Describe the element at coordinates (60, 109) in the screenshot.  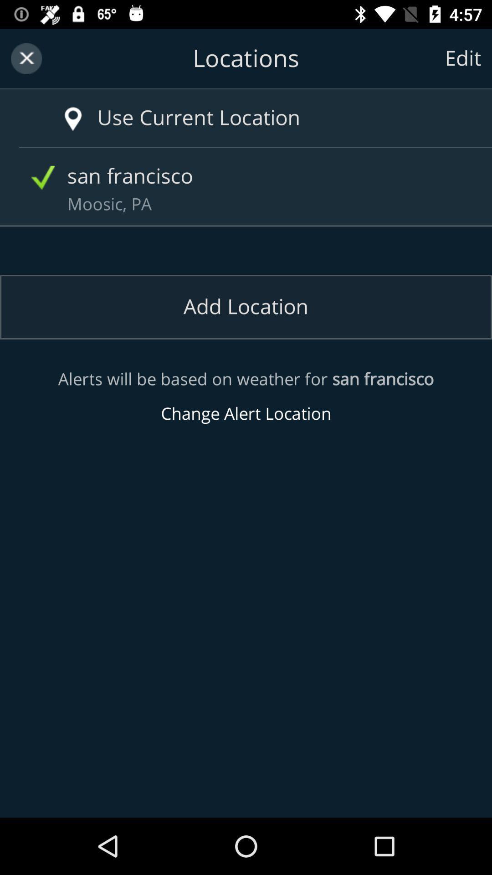
I see `locator oprion` at that location.